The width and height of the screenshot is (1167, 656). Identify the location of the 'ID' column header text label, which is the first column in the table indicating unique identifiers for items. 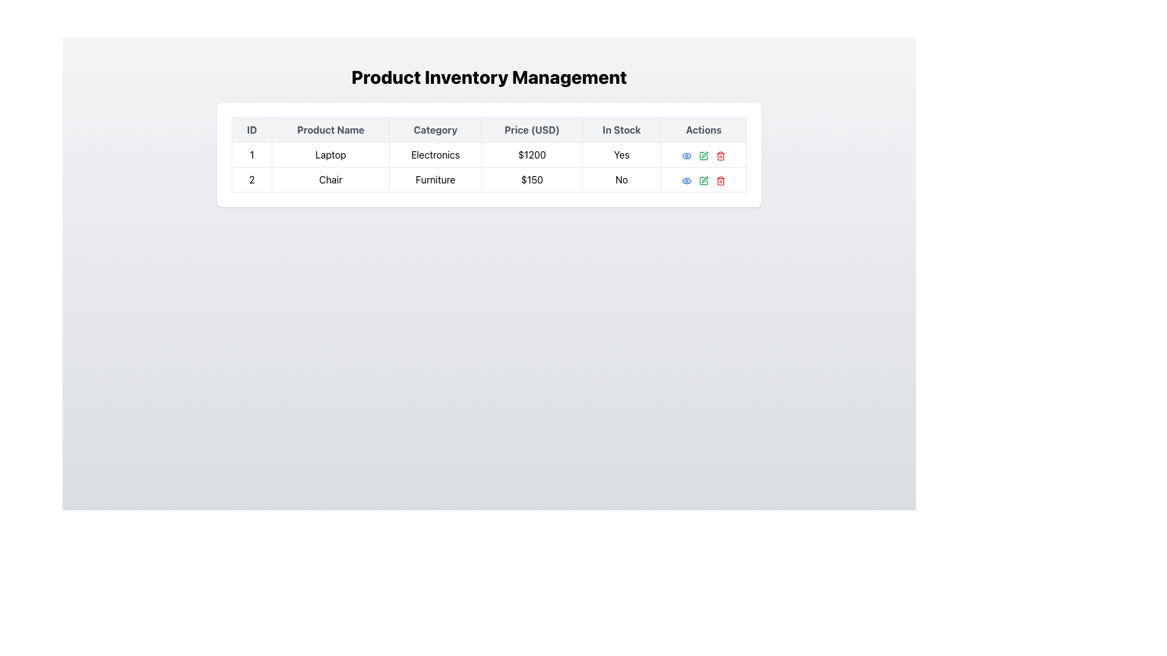
(251, 129).